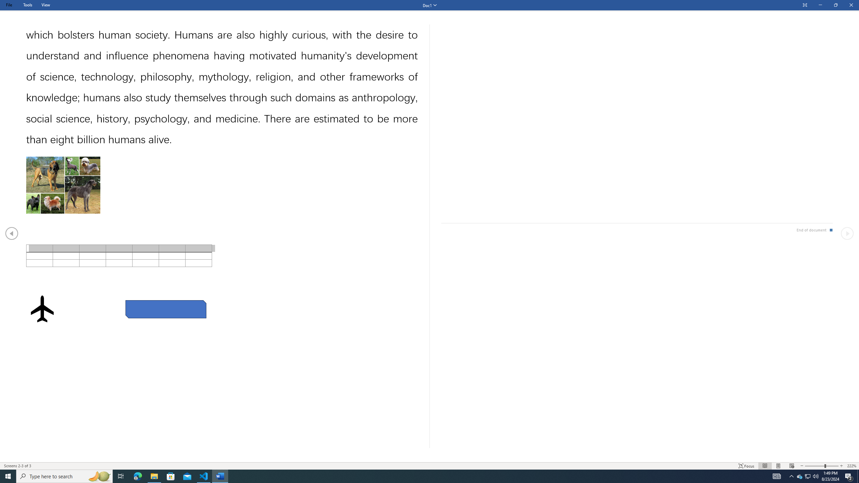  What do you see at coordinates (63, 185) in the screenshot?
I see `'Morphological variation in six dogs'` at bounding box center [63, 185].